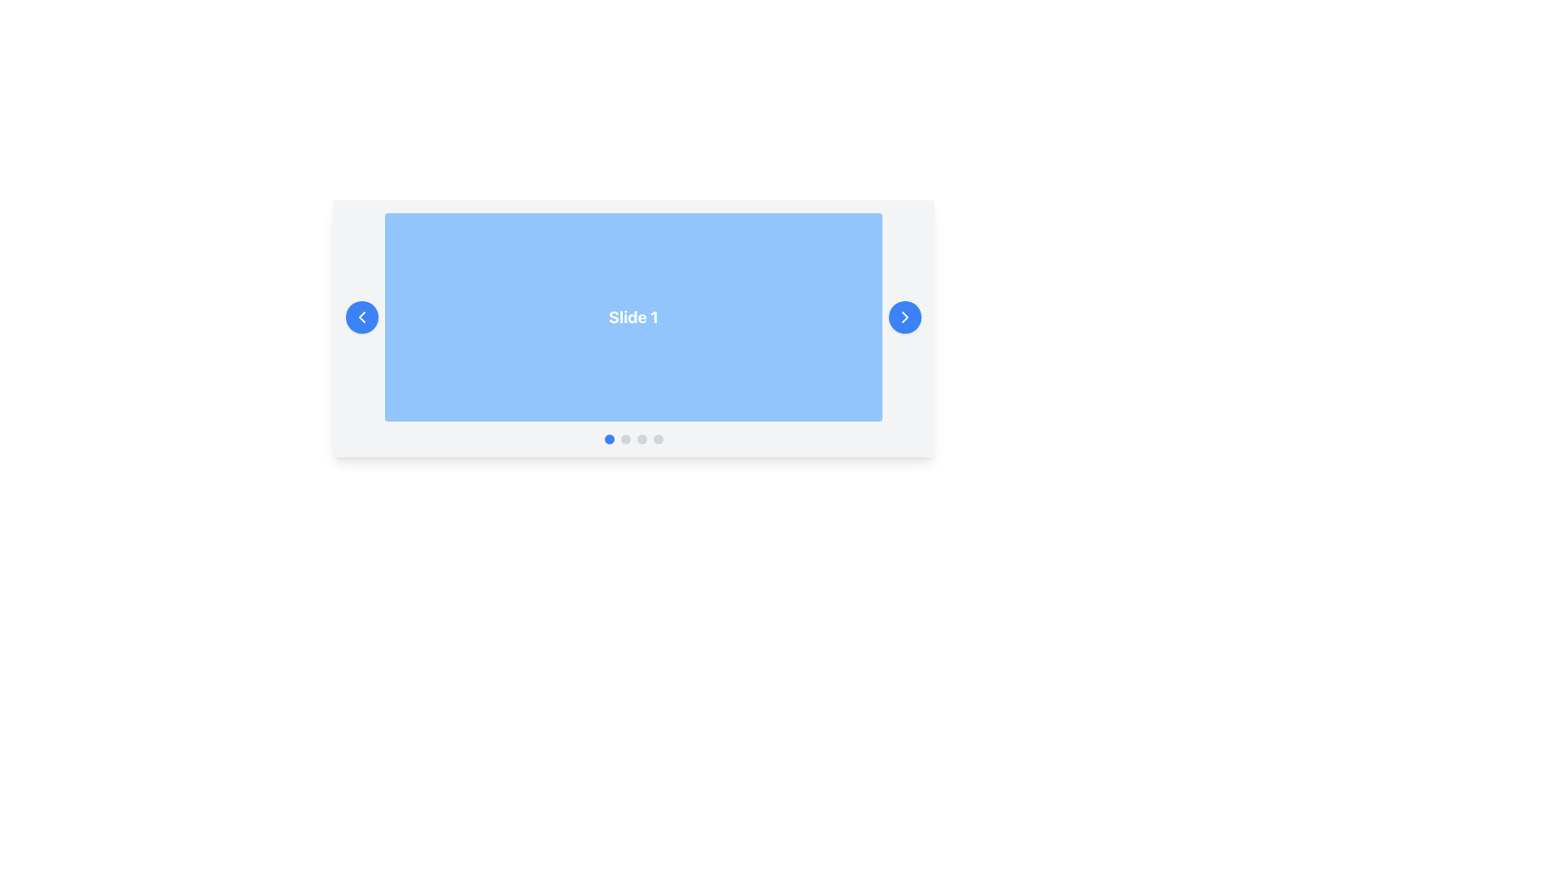 The width and height of the screenshot is (1563, 879). What do you see at coordinates (641, 439) in the screenshot?
I see `the third dot button in the carousel navigation` at bounding box center [641, 439].